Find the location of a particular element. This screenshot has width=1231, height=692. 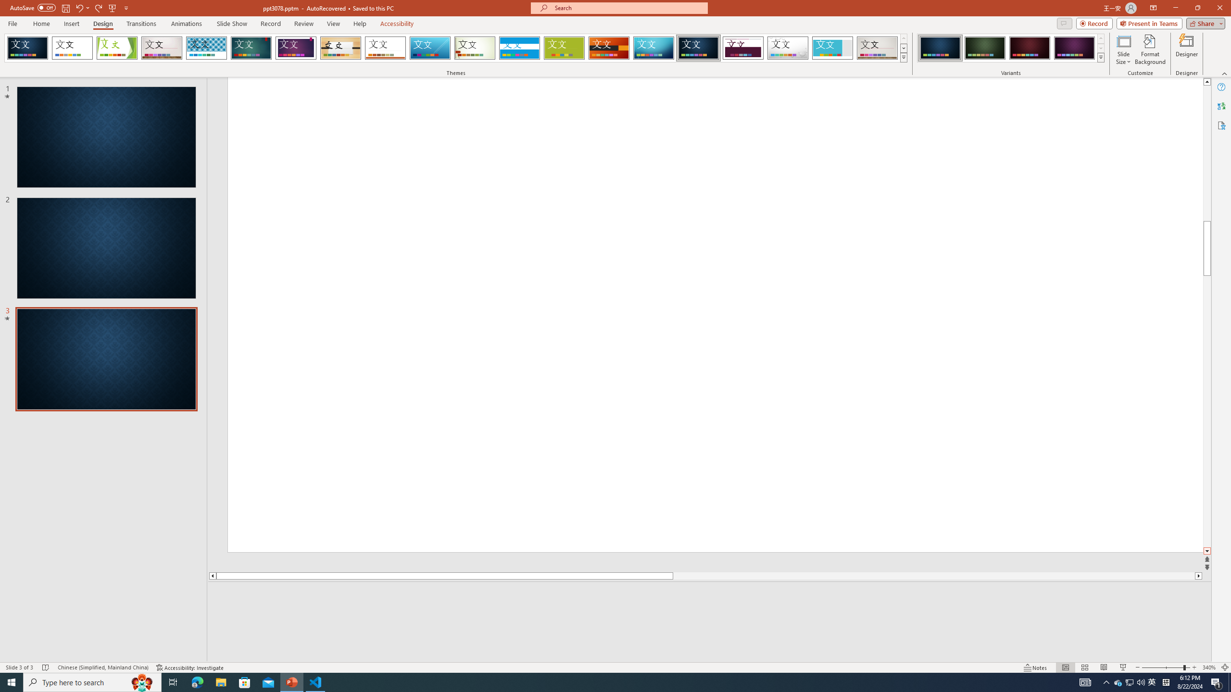

'Organic' is located at coordinates (341, 48).